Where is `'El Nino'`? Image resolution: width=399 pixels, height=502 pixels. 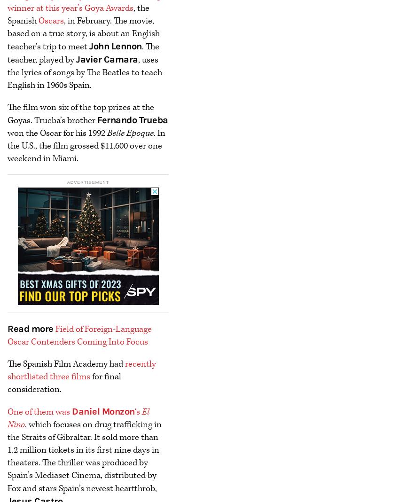
'El Nino' is located at coordinates (78, 417).